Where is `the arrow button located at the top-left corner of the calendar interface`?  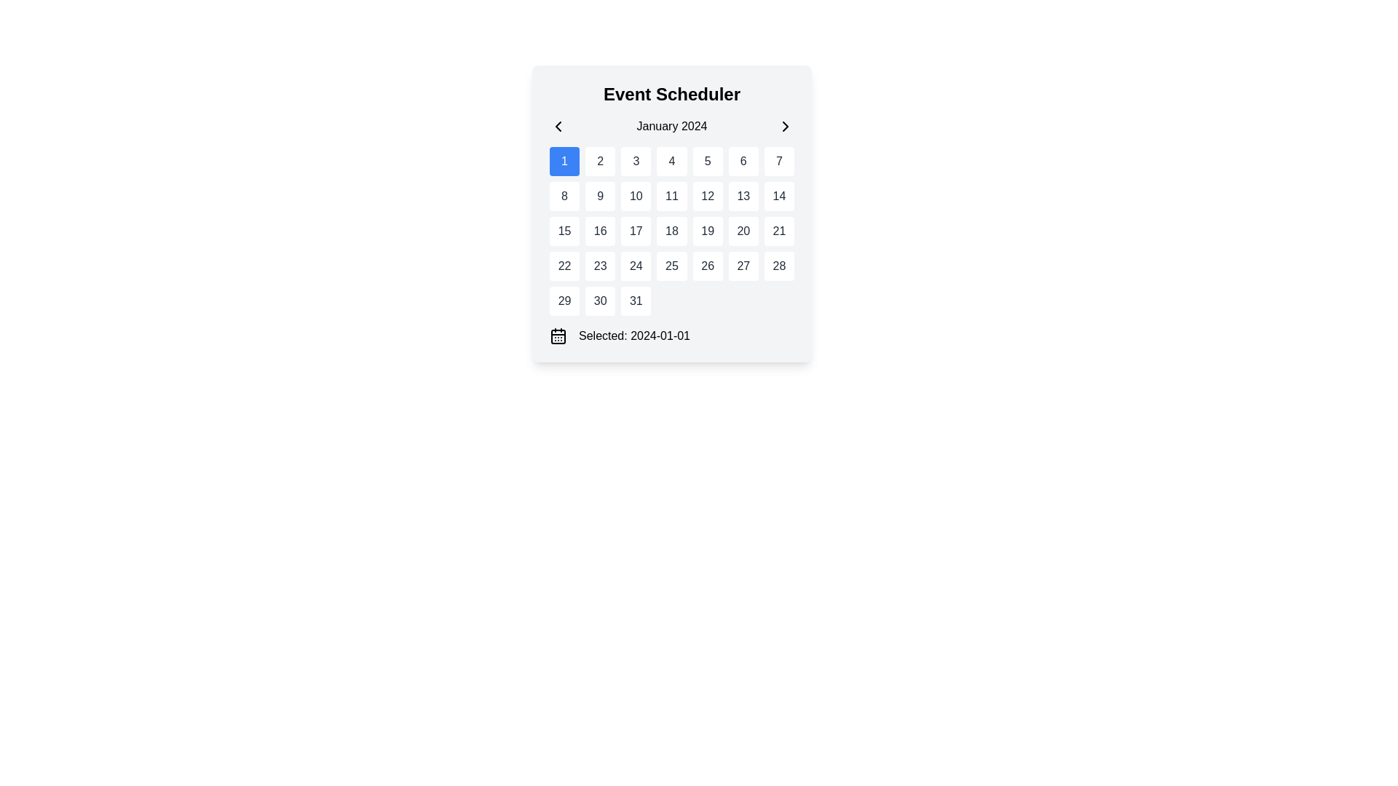
the arrow button located at the top-left corner of the calendar interface is located at coordinates (558, 125).